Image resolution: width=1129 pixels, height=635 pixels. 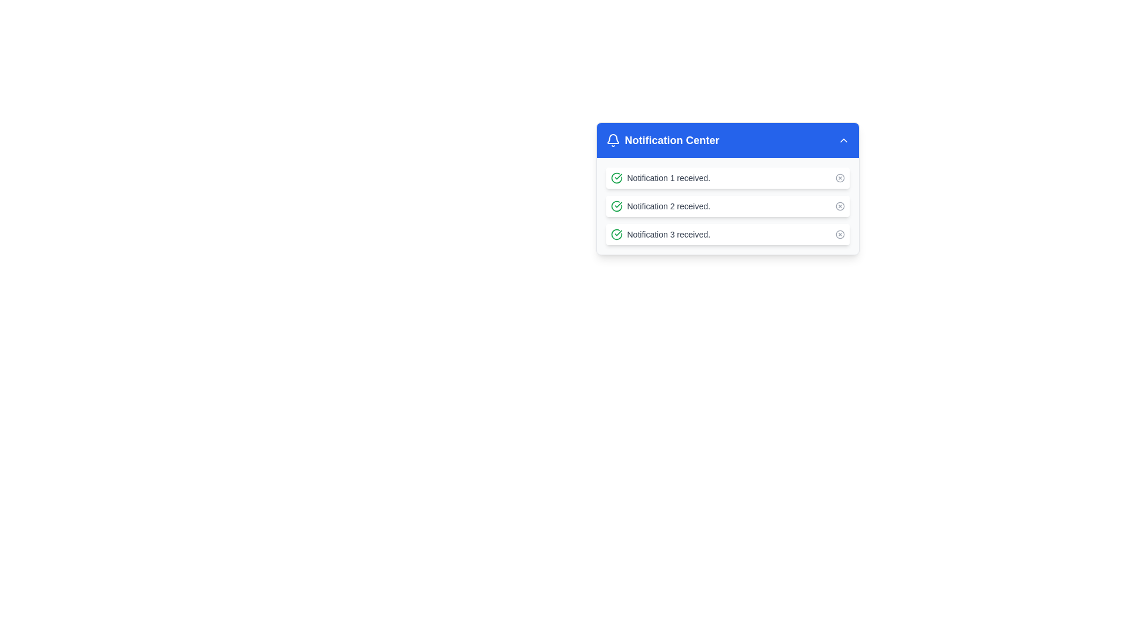 What do you see at coordinates (843, 140) in the screenshot?
I see `the button` at bounding box center [843, 140].